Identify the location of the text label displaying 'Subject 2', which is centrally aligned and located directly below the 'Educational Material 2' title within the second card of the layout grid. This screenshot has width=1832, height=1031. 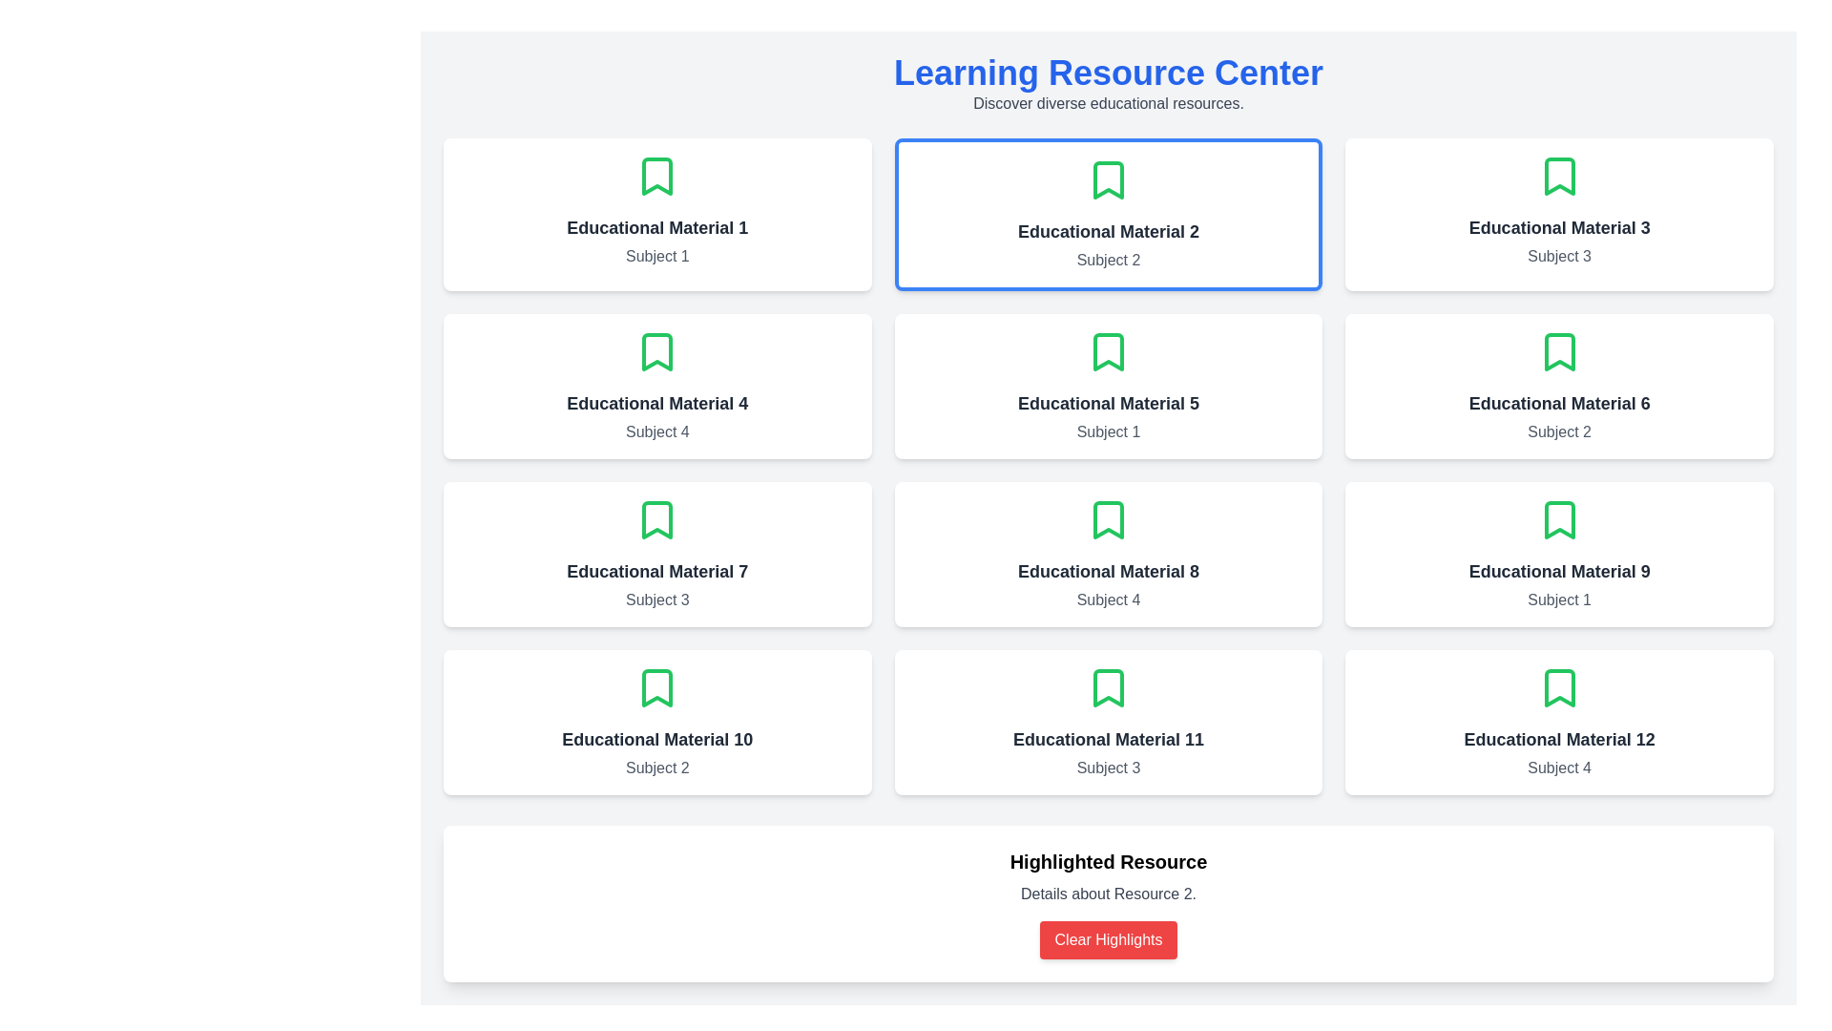
(1108, 261).